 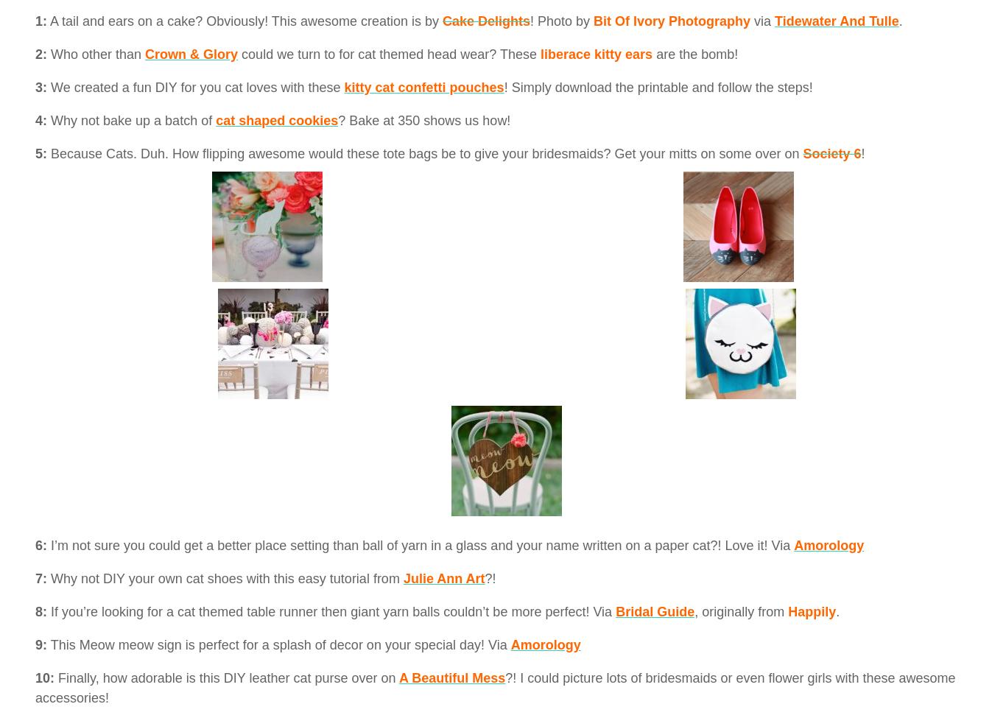 I want to click on '?!', so click(x=489, y=577).